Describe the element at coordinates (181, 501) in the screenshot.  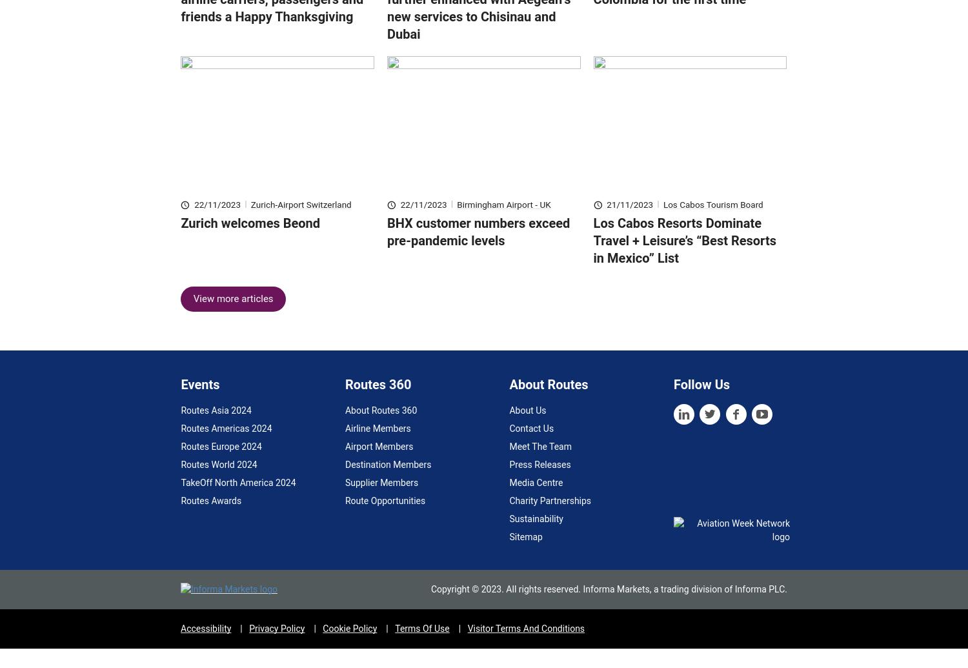
I see `'TakeOff North America 2024'` at that location.